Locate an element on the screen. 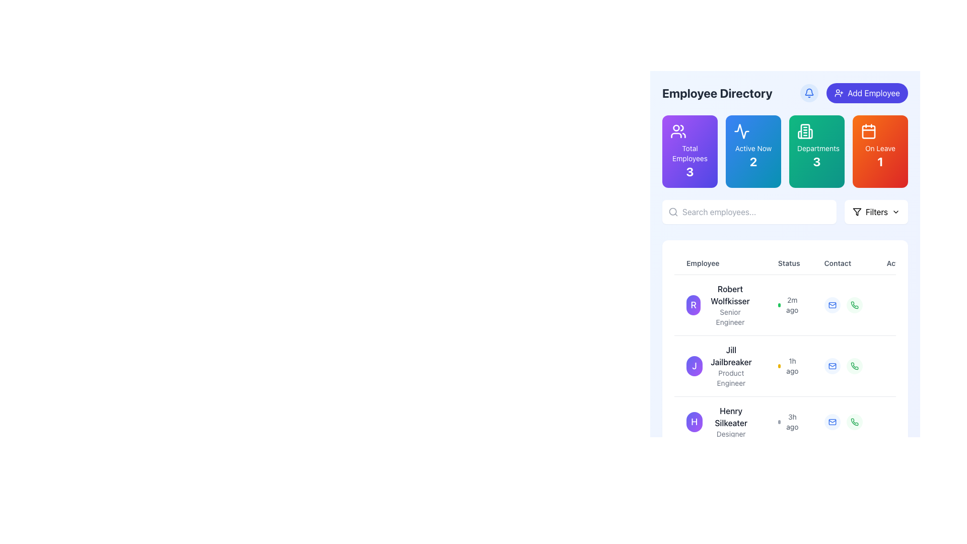  the funnel icon located in the top-right section of the interface, inside the 'Filters' button is located at coordinates (856, 211).